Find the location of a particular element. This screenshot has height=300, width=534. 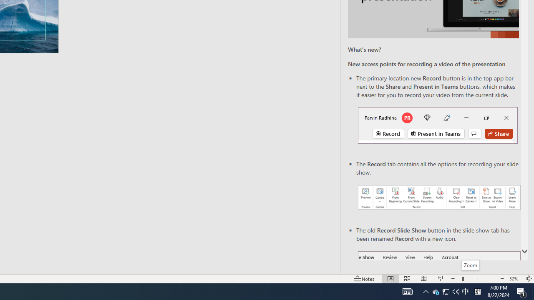

'Record your presentations screenshot one' is located at coordinates (438, 197).